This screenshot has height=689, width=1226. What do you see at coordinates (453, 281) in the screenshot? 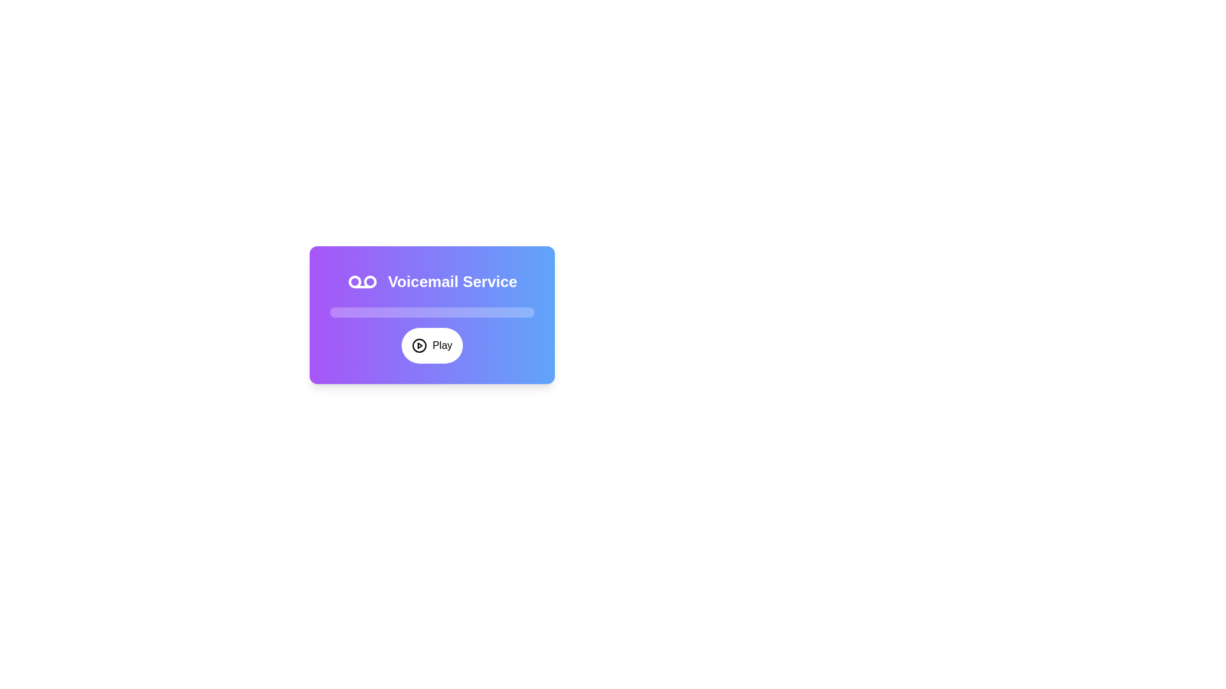
I see `the Text Label displaying 'Voicemail Service', which is located on the right-hand side of the voicemail icon and has a bold white font on a vibrant gradient background` at bounding box center [453, 281].